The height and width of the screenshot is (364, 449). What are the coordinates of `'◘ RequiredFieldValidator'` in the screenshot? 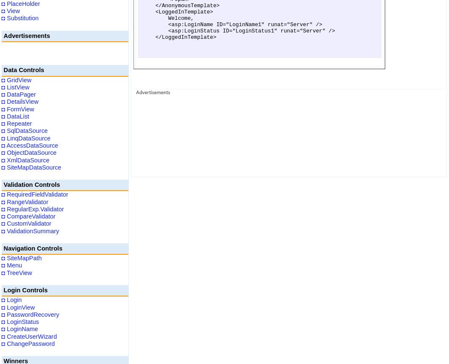 It's located at (34, 194).